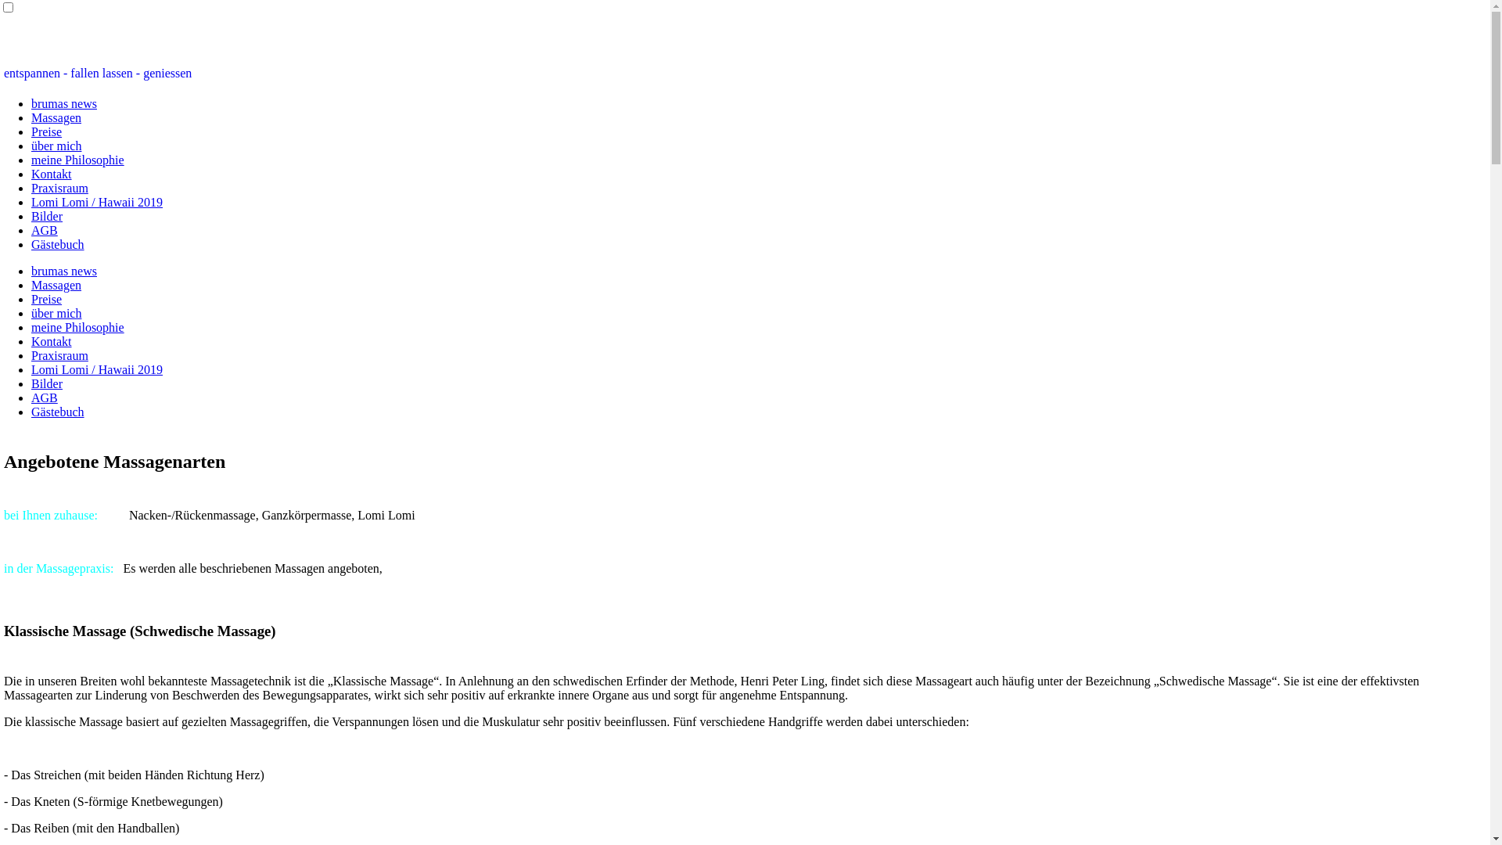 Image resolution: width=1502 pixels, height=845 pixels. I want to click on 'Bilder', so click(46, 383).